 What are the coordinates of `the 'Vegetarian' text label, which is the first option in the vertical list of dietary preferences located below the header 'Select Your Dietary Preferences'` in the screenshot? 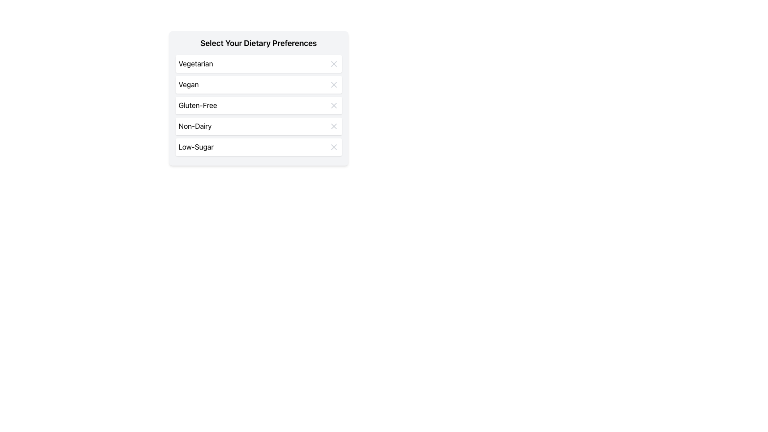 It's located at (196, 63).